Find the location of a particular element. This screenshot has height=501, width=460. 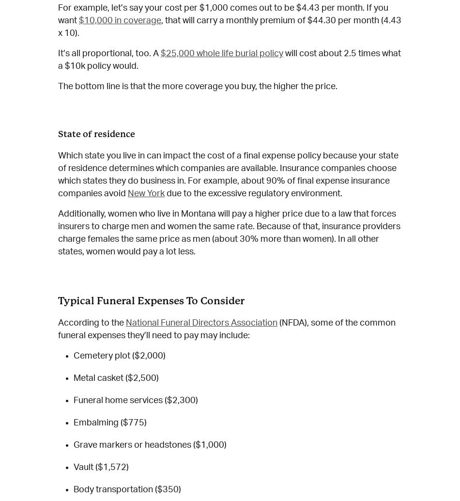

'National Funeral Directors Association' is located at coordinates (125, 323).